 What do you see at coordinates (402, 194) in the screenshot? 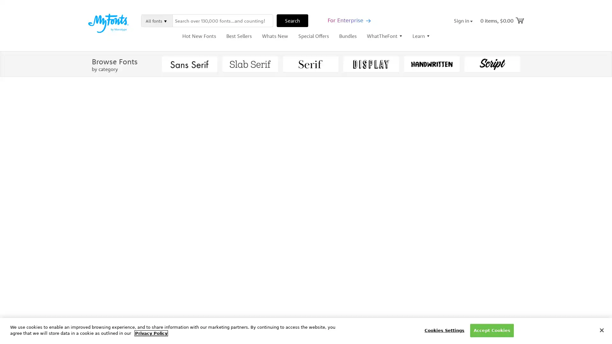
I see `Settings Menu` at bounding box center [402, 194].